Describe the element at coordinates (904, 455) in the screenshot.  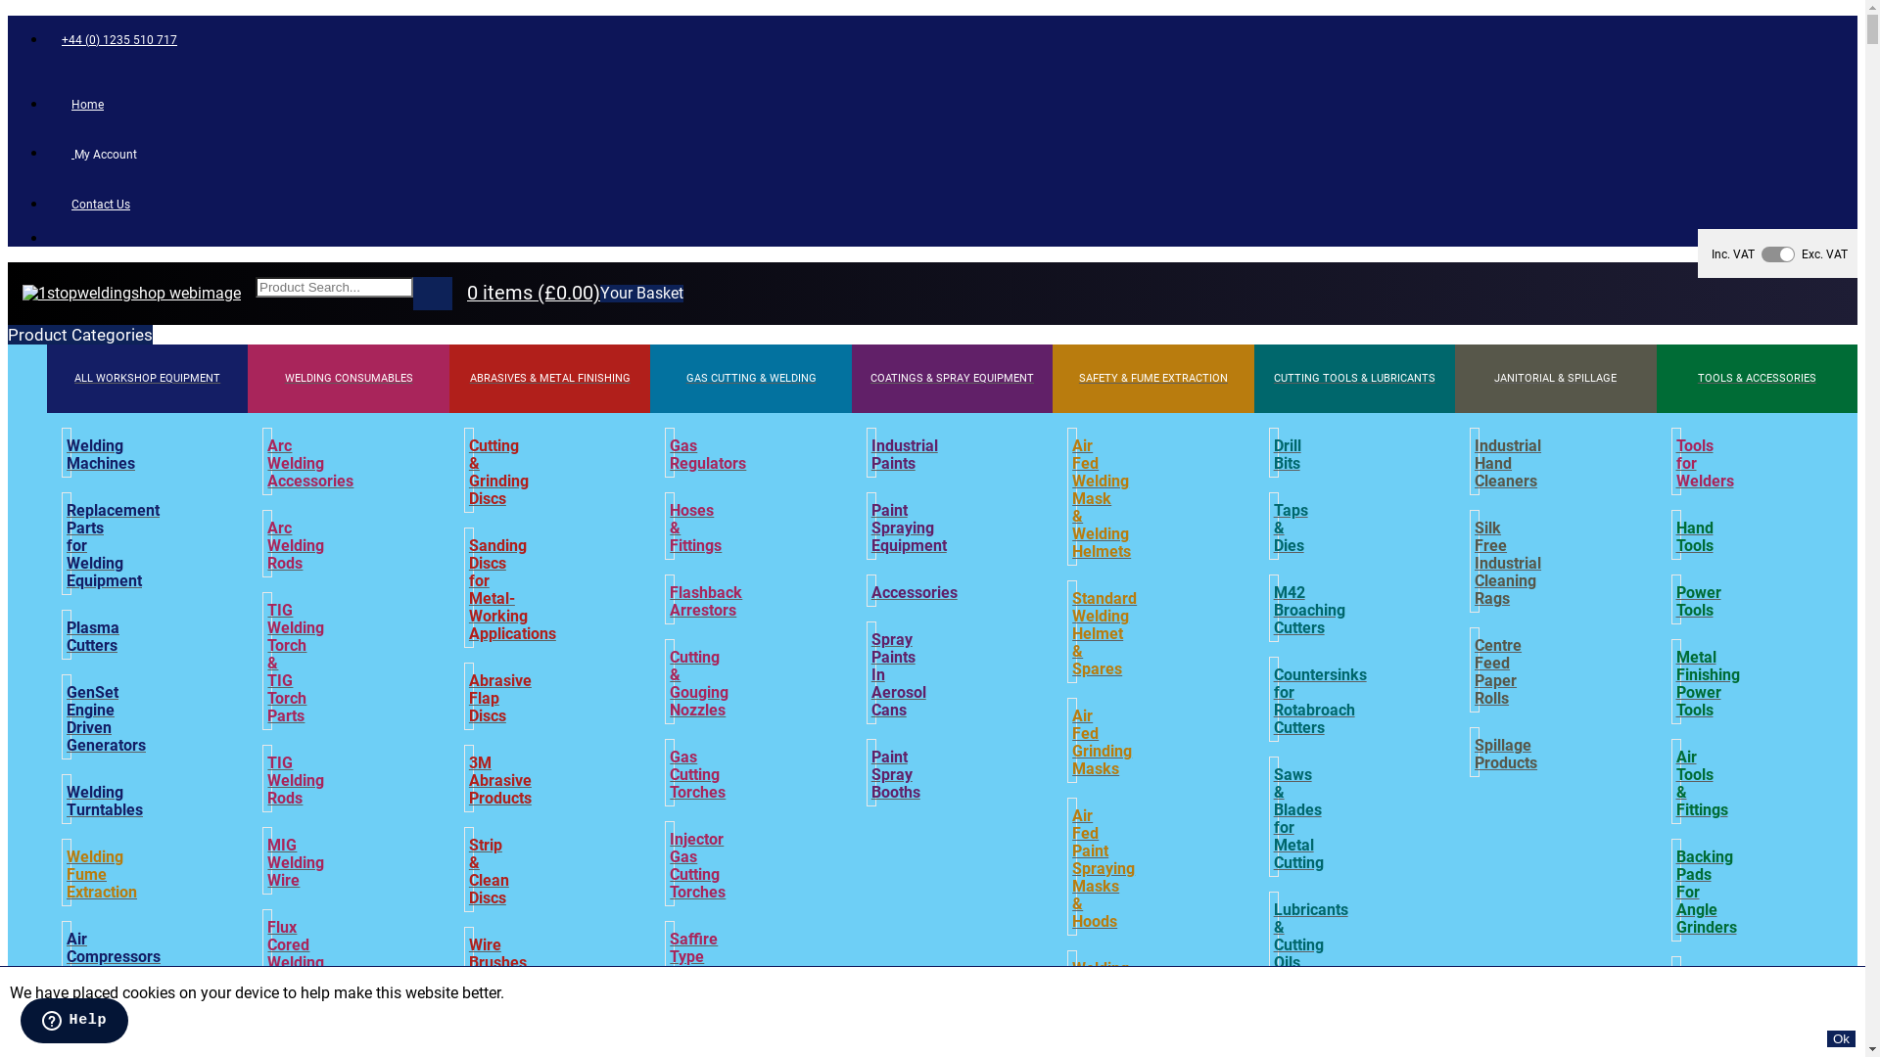
I see `'Industrial Paints'` at that location.